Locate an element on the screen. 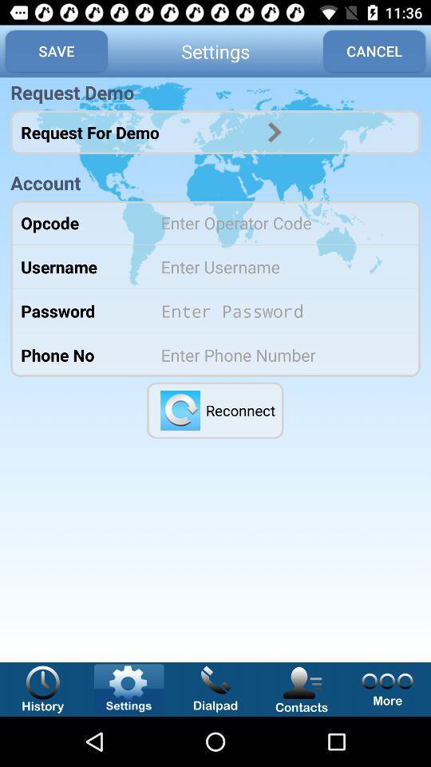  the app next to settings is located at coordinates (374, 51).